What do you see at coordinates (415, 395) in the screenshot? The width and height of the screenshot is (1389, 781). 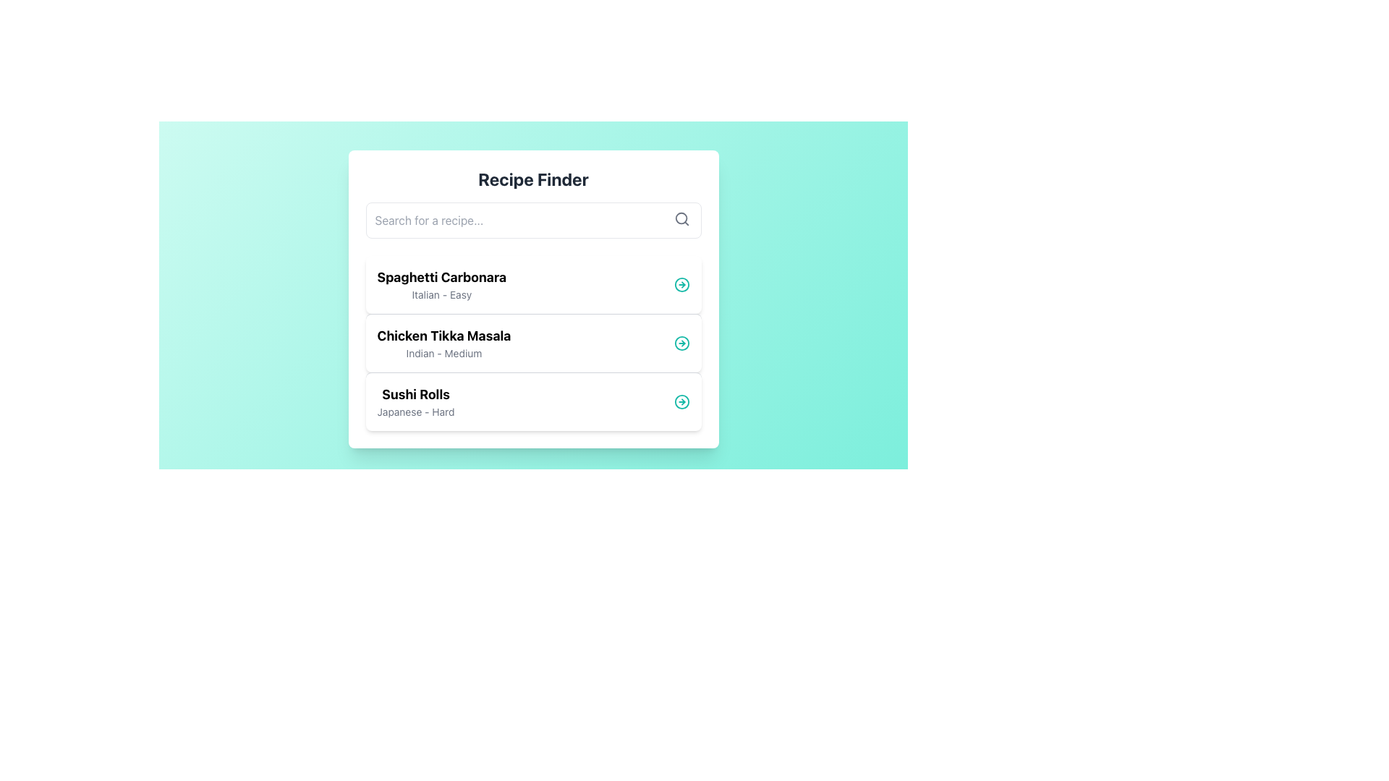 I see `text content of the title 'Sushi Rolls' in the Recipe Finder section, which is the third entry in the vertically arranged list` at bounding box center [415, 395].